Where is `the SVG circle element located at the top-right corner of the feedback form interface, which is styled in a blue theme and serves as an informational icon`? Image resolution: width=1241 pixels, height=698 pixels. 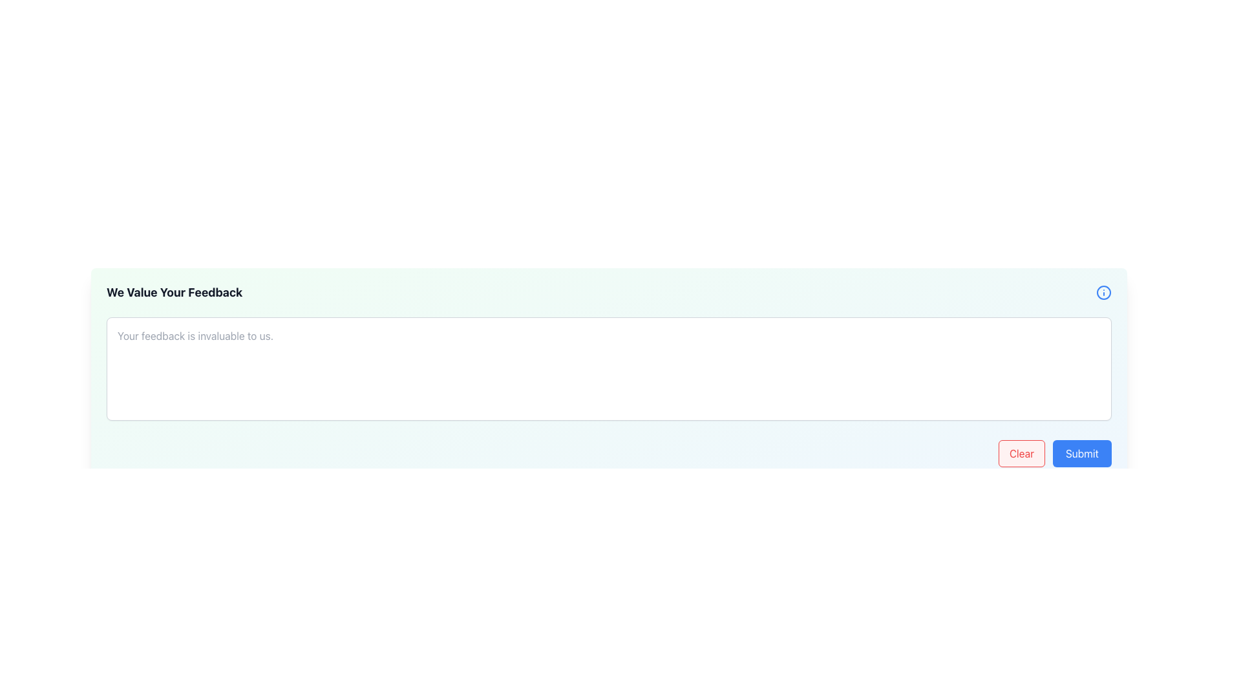 the SVG circle element located at the top-right corner of the feedback form interface, which is styled in a blue theme and serves as an informational icon is located at coordinates (1103, 292).